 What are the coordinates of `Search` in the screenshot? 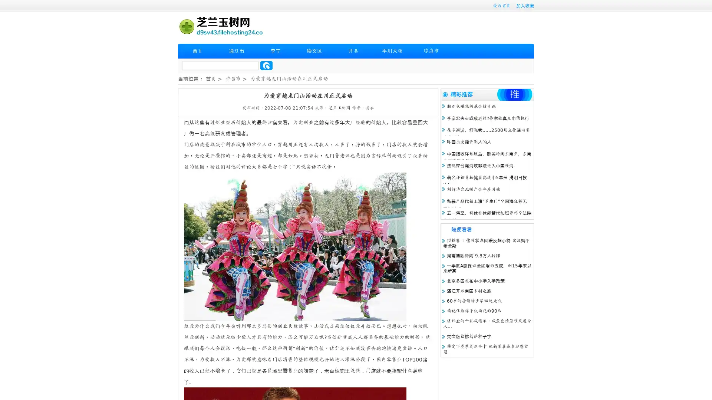 It's located at (266, 65).